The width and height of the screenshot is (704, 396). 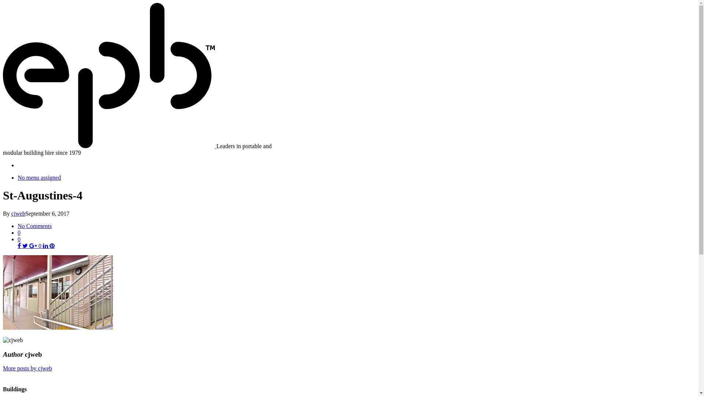 I want to click on 'Pin this', so click(x=49, y=246).